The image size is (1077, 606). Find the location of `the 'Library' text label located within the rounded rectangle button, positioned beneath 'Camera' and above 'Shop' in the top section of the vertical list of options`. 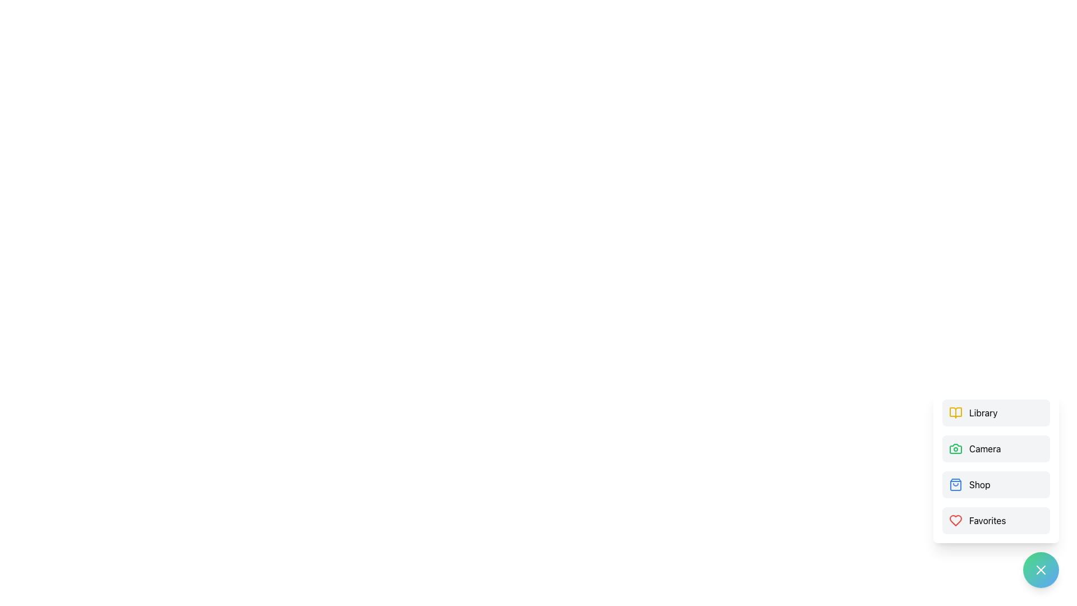

the 'Library' text label located within the rounded rectangle button, positioned beneath 'Camera' and above 'Shop' in the top section of the vertical list of options is located at coordinates (983, 413).